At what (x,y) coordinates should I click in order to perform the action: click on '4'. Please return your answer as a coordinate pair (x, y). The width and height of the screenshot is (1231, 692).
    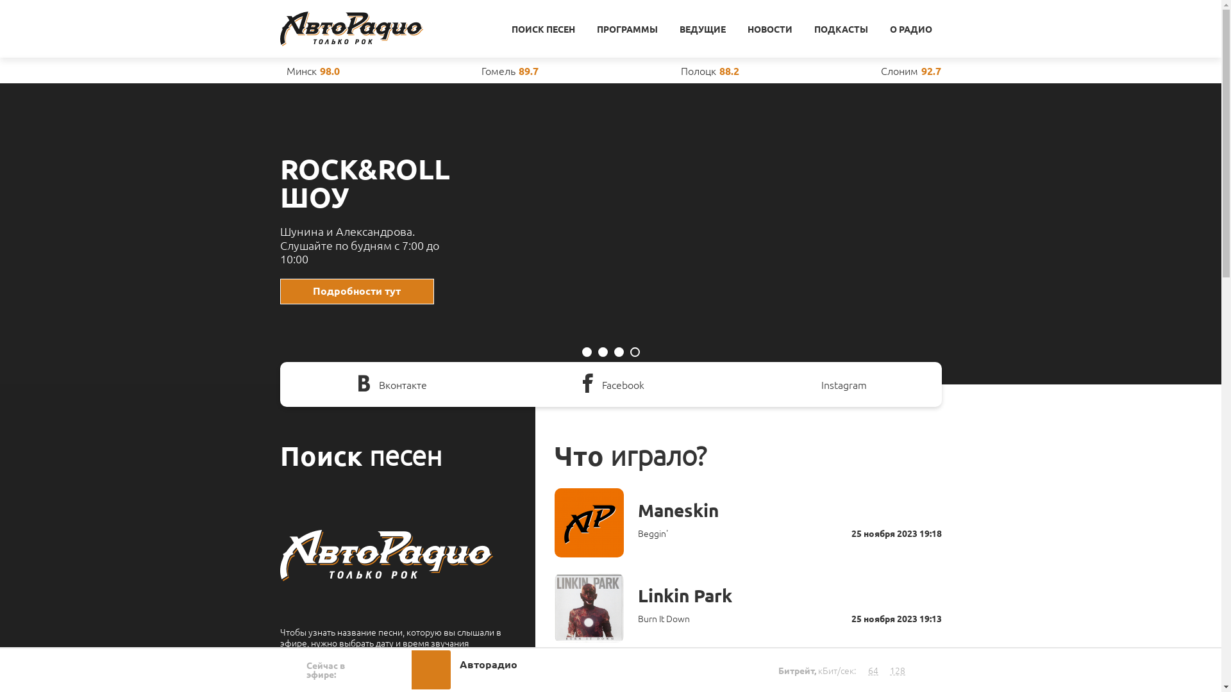
    Looking at the image, I should click on (634, 352).